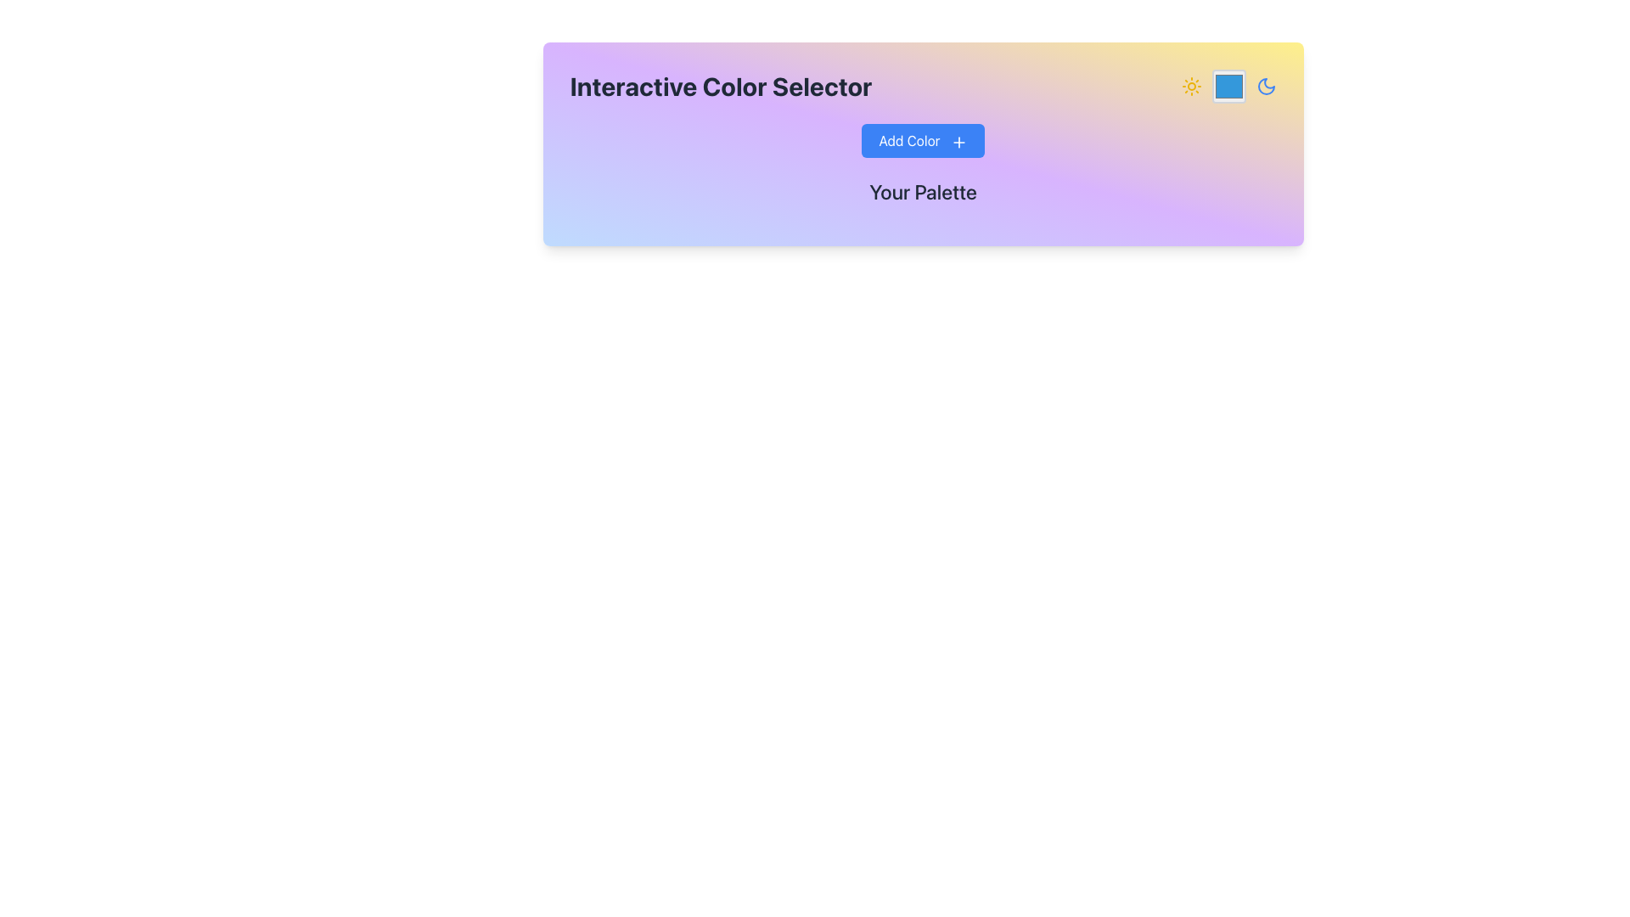 Image resolution: width=1630 pixels, height=917 pixels. I want to click on the sun icon, which is a yellow circular shape with radiating lines, so click(1190, 86).